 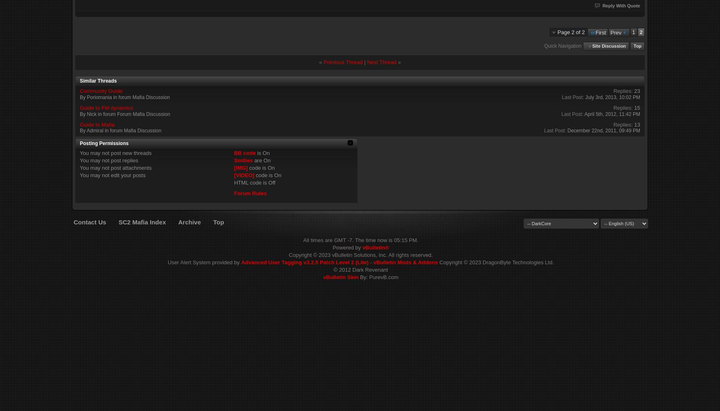 What do you see at coordinates (496, 262) in the screenshot?
I see `'Copyright © 2023 DragonByte Technologies Ltd.'` at bounding box center [496, 262].